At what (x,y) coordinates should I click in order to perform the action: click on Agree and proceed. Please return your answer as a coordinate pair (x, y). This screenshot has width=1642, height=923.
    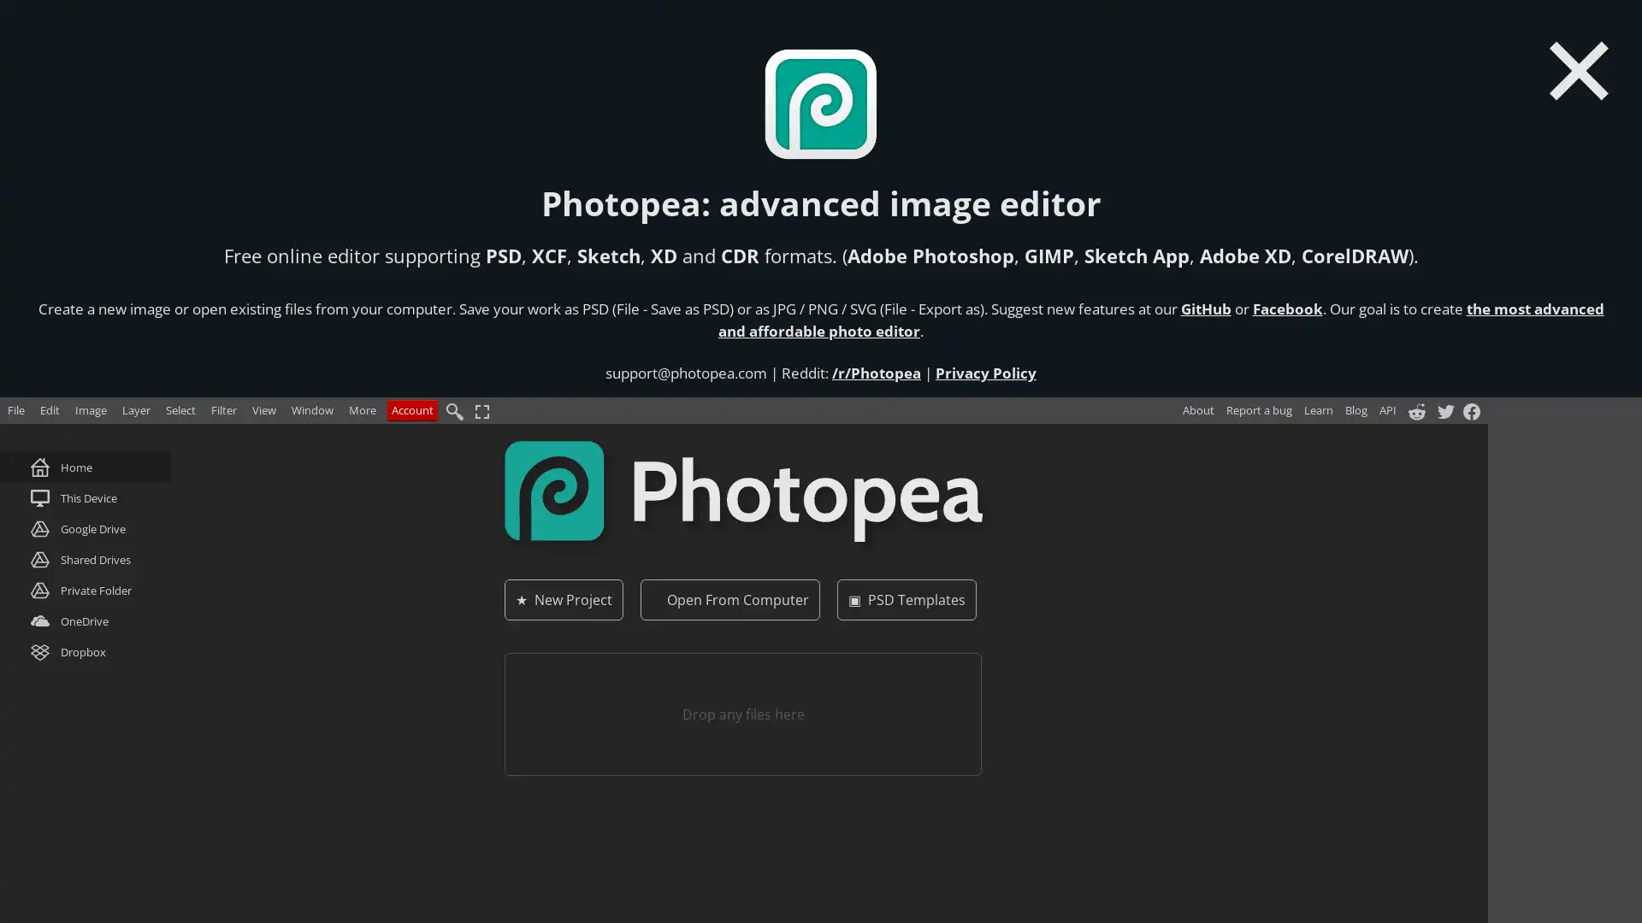
    Looking at the image, I should click on (308, 891).